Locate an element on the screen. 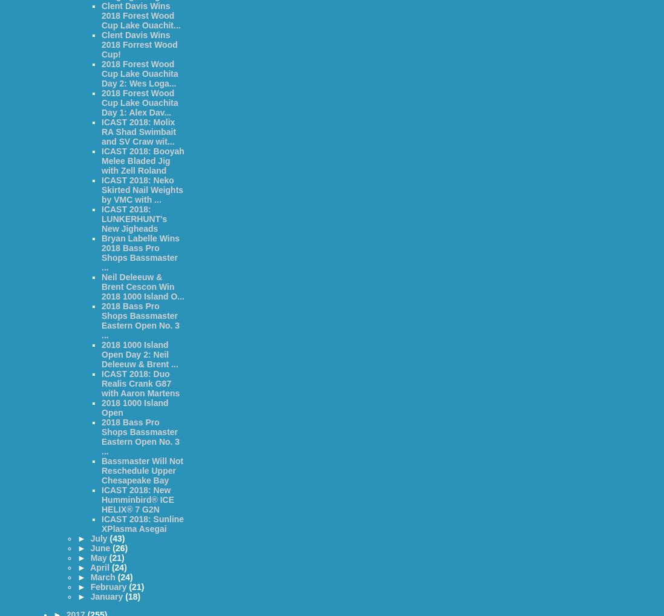 This screenshot has height=616, width=664. '(43)' is located at coordinates (116, 539).